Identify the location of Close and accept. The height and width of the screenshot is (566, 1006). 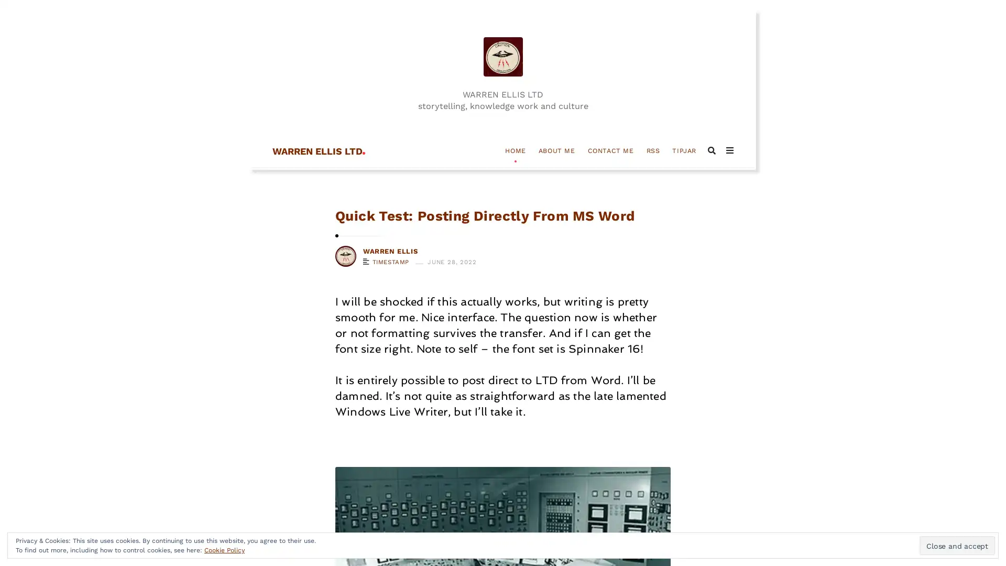
(957, 545).